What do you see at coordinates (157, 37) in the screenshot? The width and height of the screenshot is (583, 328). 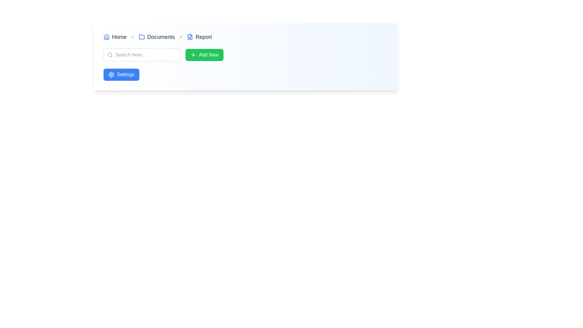 I see `the Breadcrumb item indicating the current location as 'Documents', which is positioned centrally between 'Home' and 'Report' in the breadcrumb navigation` at bounding box center [157, 37].